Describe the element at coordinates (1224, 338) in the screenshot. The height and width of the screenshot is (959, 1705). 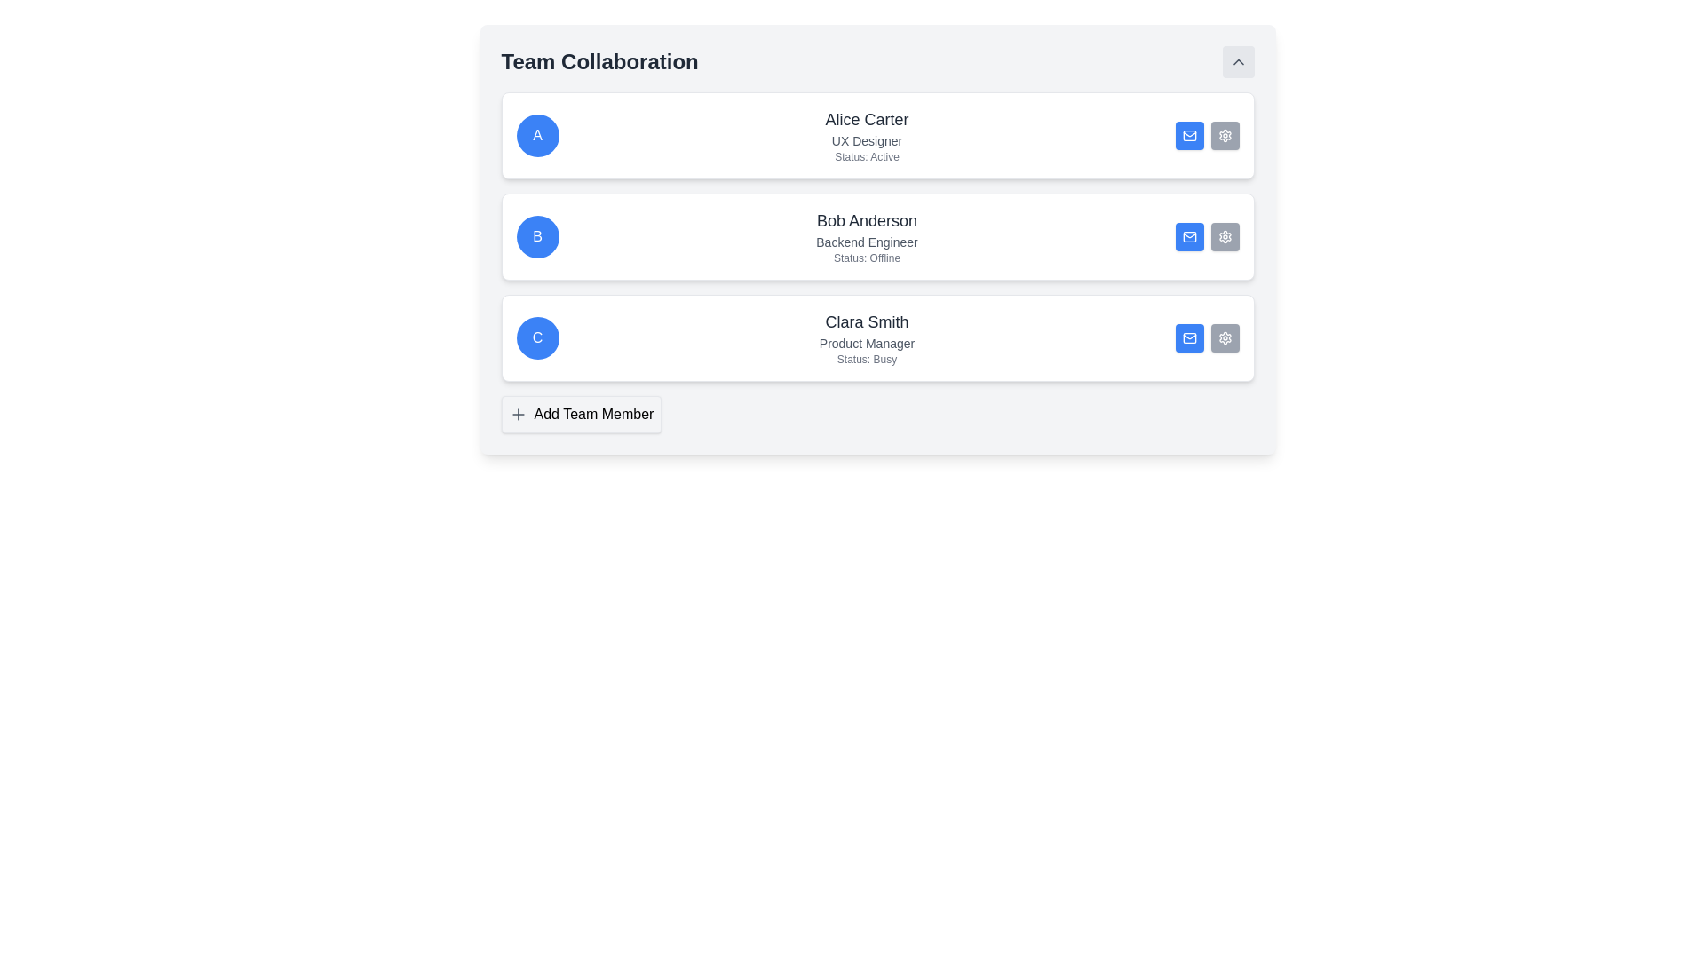
I see `the small circular button featuring a gear icon at the center, located to the right of the blue email icon in the team collaboration interface` at that location.